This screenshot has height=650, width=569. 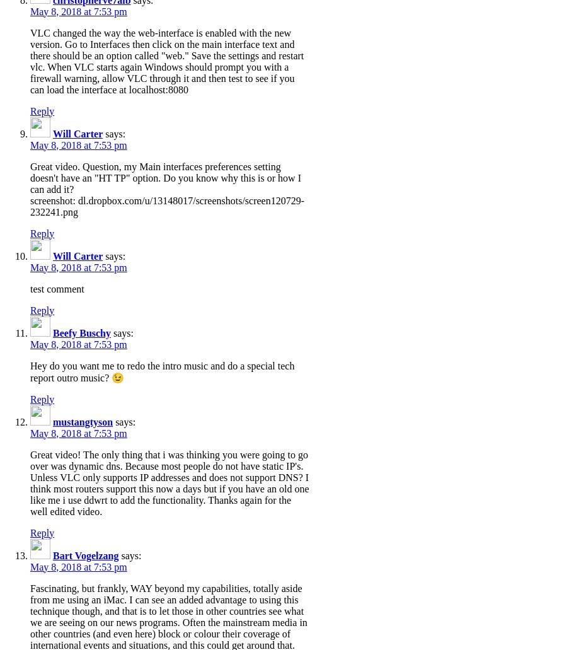 What do you see at coordinates (30, 61) in the screenshot?
I see `'VLC changed the way the web-interface is enabled with the new version. Go to Interfaces then click on the main interface text and there should be an option called "web." Save the settings and restart vlc. When VLC starts again Windows should prompt you with a firewall warning, allow VLC through it and then test to see if you can load the interface at localhost:8080'` at bounding box center [30, 61].